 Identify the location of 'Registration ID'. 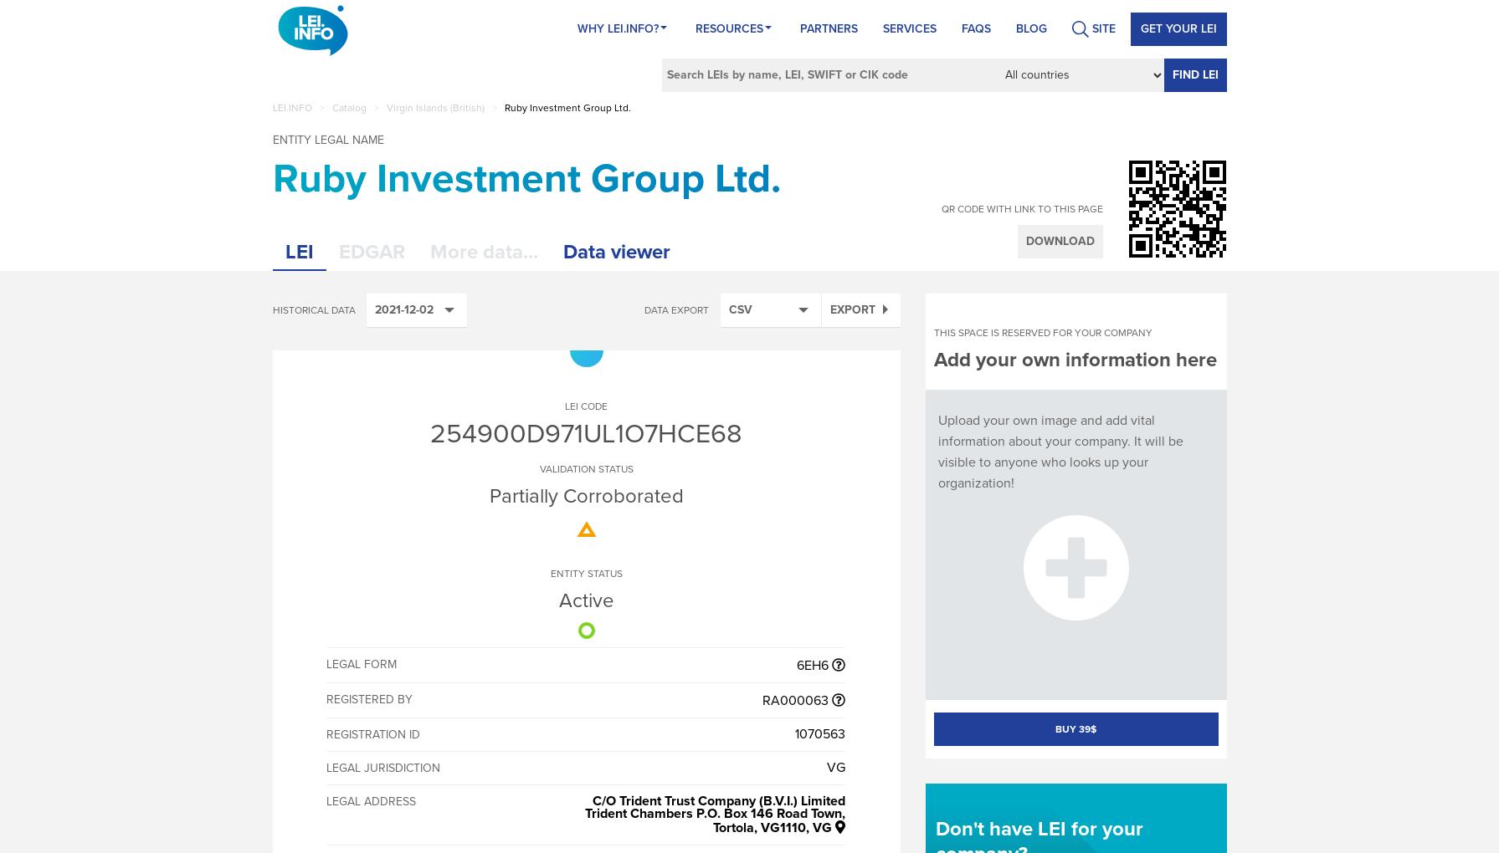
(372, 733).